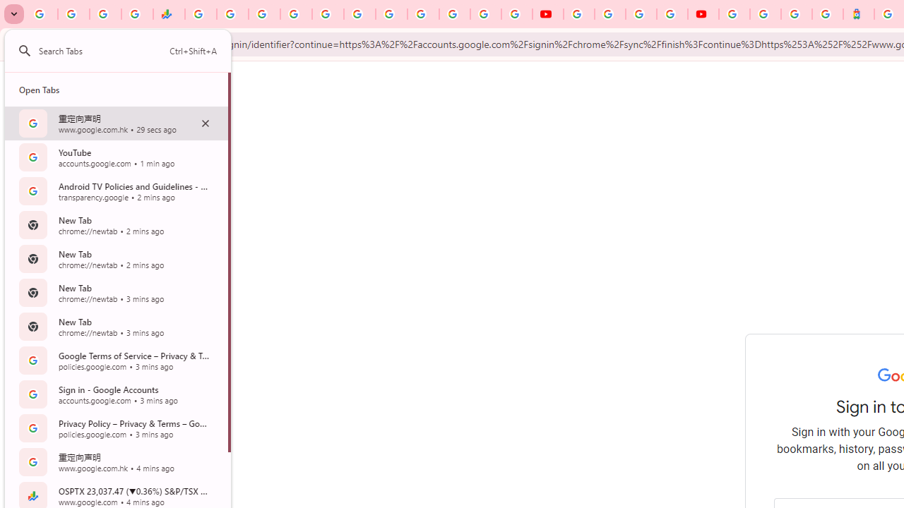 This screenshot has width=904, height=508. Describe the element at coordinates (128, 50) in the screenshot. I see `'Search Tabs Ctrl+Shift+A Found 60 Tabs'` at that location.